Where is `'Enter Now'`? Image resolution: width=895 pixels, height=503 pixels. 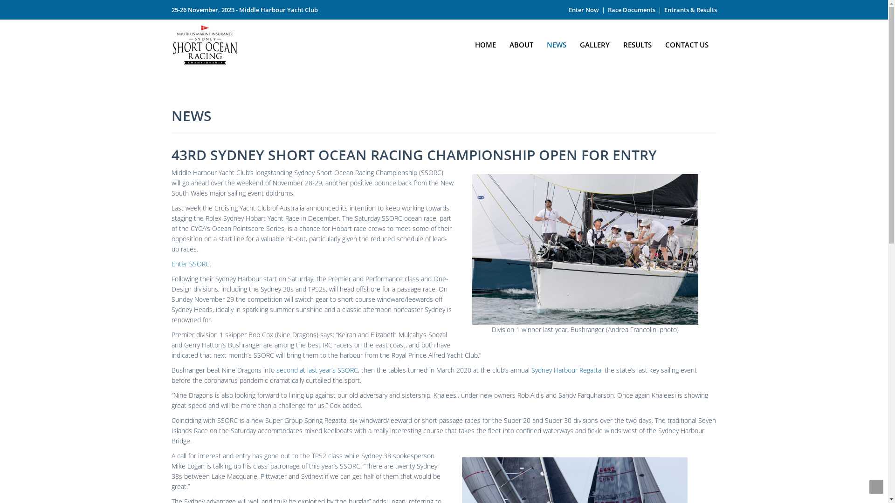
'Enter Now' is located at coordinates (583, 9).